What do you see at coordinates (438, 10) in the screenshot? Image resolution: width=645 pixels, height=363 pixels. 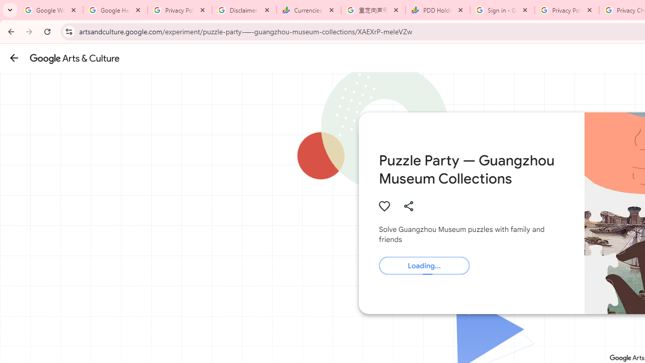 I see `'PDD Holdings Inc - ADR (PDD) Price & News - Google Finance'` at bounding box center [438, 10].